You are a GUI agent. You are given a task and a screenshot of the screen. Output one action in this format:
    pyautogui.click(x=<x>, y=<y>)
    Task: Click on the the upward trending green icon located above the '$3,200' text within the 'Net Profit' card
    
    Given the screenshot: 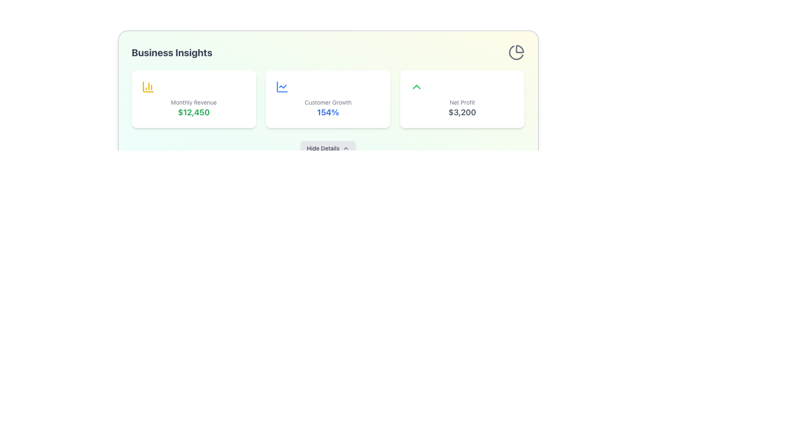 What is the action you would take?
    pyautogui.click(x=416, y=87)
    